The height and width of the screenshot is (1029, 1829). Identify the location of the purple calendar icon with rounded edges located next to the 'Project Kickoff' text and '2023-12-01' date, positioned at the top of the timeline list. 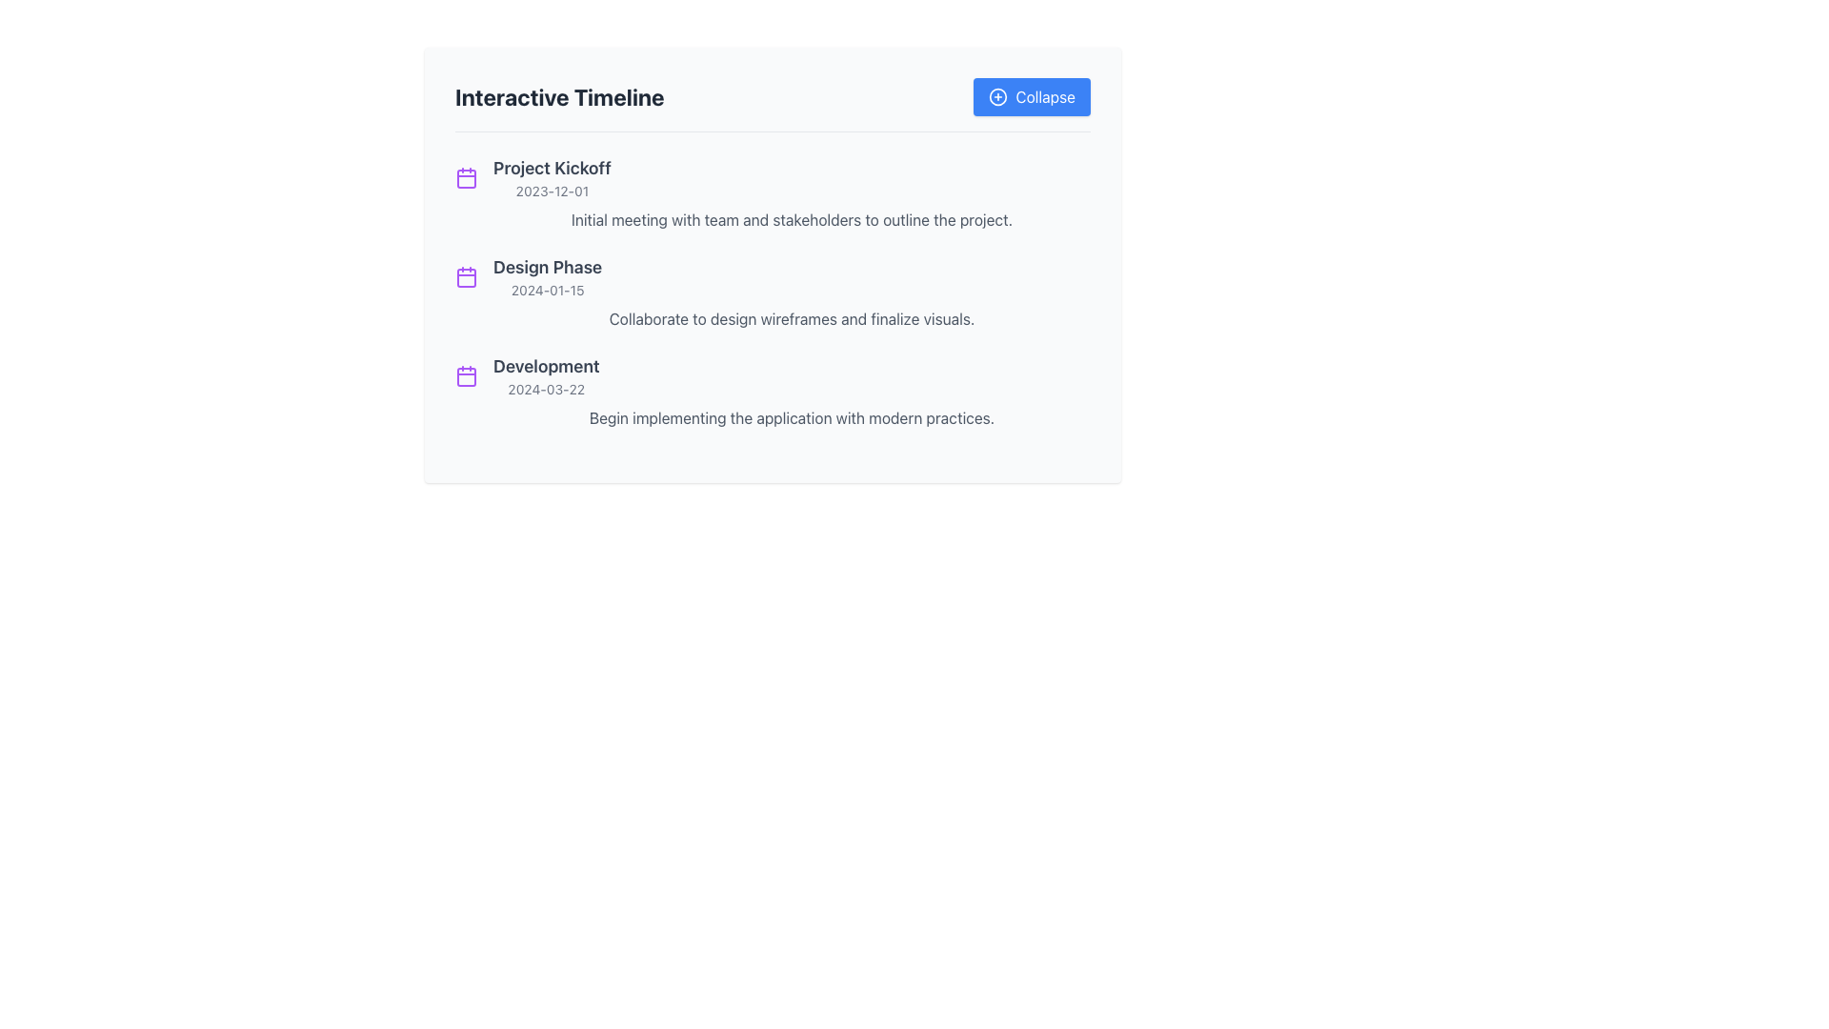
(466, 177).